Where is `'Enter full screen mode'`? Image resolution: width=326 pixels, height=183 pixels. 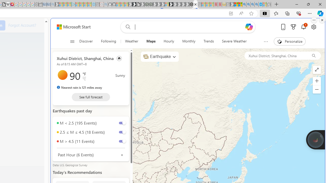 'Enter full screen mode' is located at coordinates (316, 70).